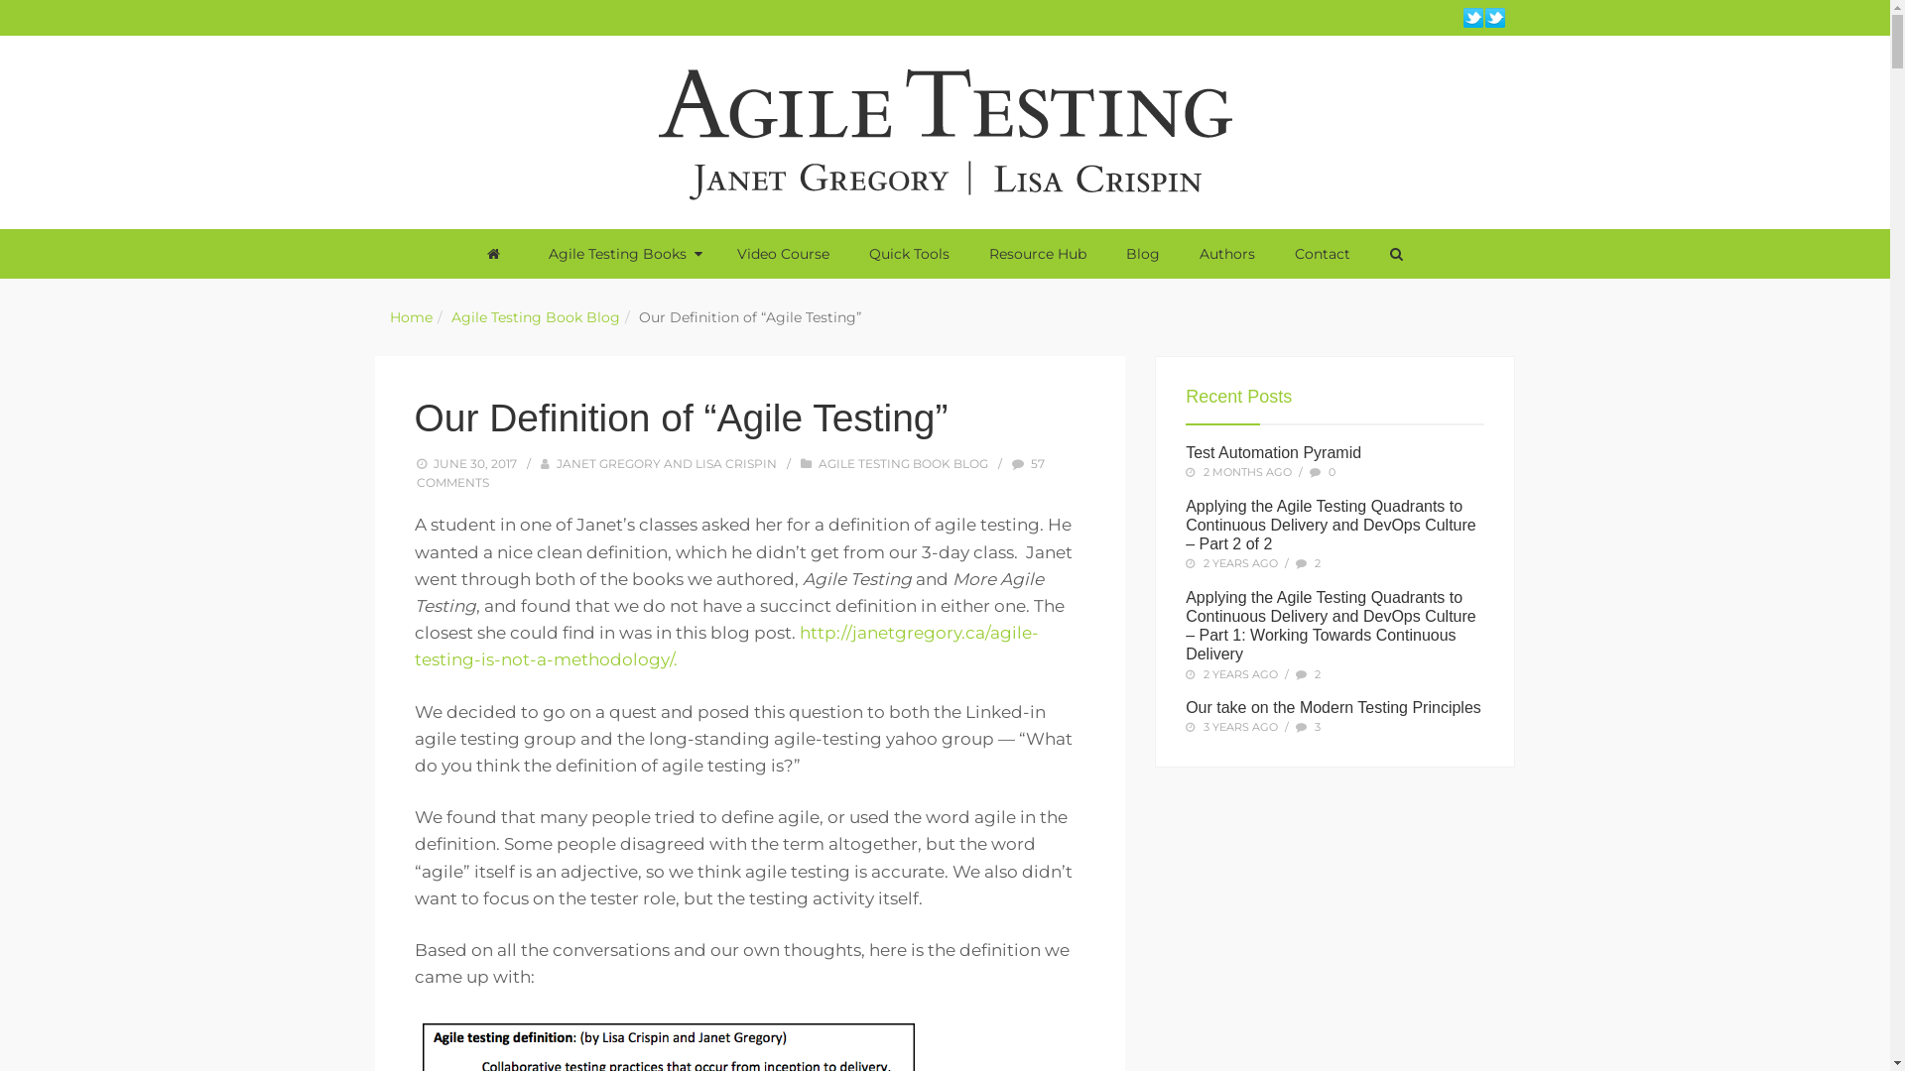 The image size is (1905, 1071). Describe the element at coordinates (1332, 471) in the screenshot. I see `'0'` at that location.